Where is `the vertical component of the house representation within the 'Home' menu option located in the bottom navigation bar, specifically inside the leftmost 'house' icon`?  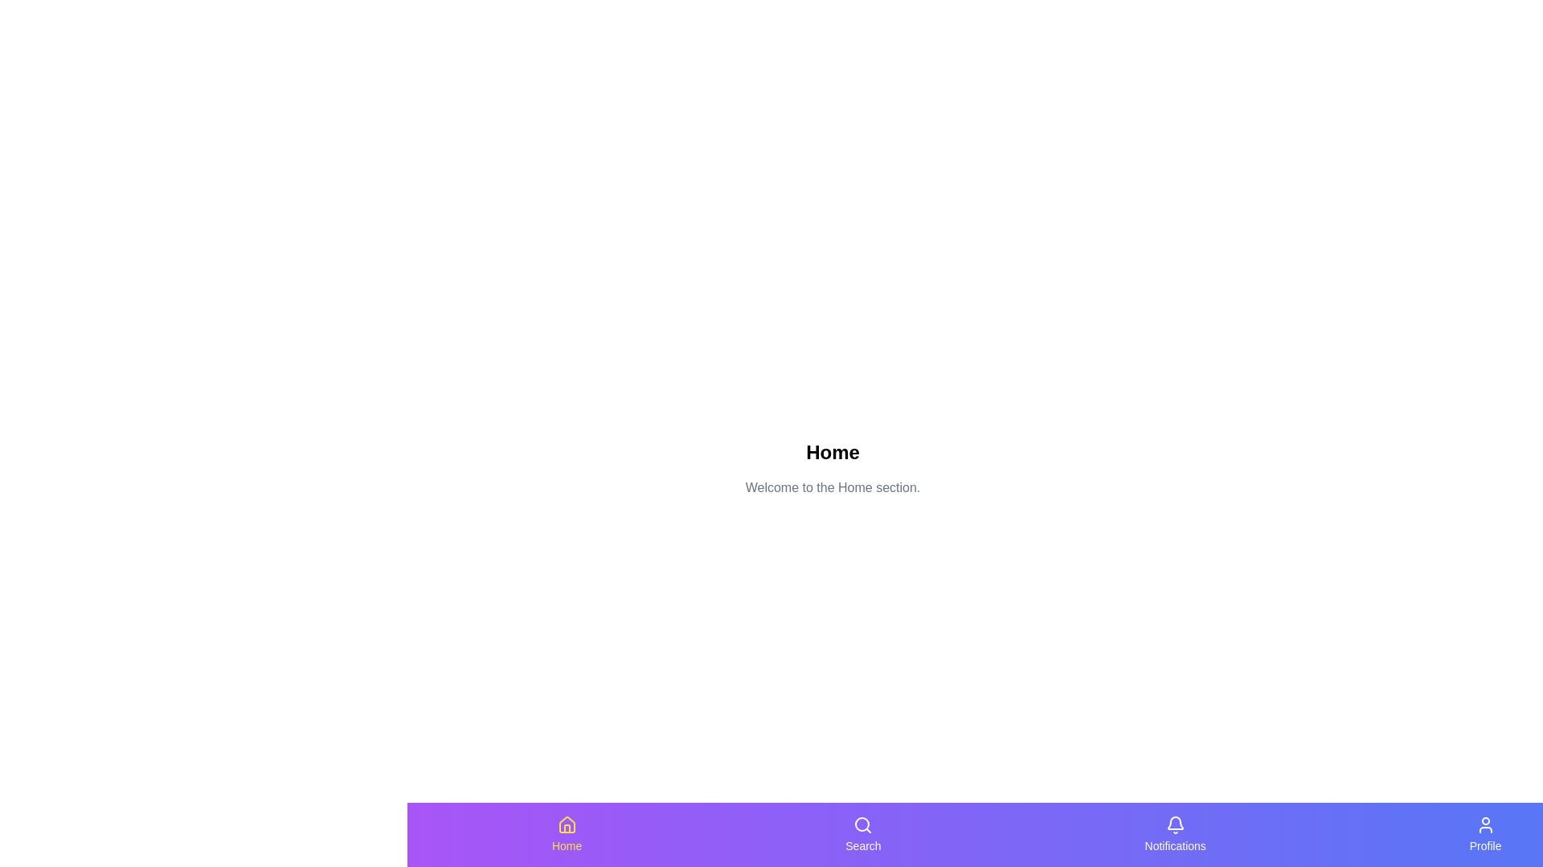 the vertical component of the house representation within the 'Home' menu option located in the bottom navigation bar, specifically inside the leftmost 'house' icon is located at coordinates (567, 828).